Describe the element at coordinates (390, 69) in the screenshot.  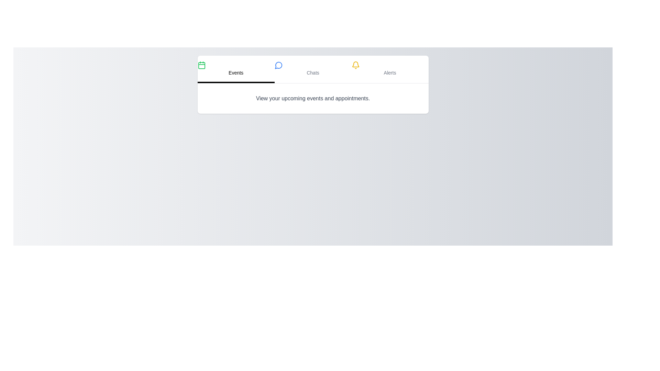
I see `the Alerts tab` at that location.